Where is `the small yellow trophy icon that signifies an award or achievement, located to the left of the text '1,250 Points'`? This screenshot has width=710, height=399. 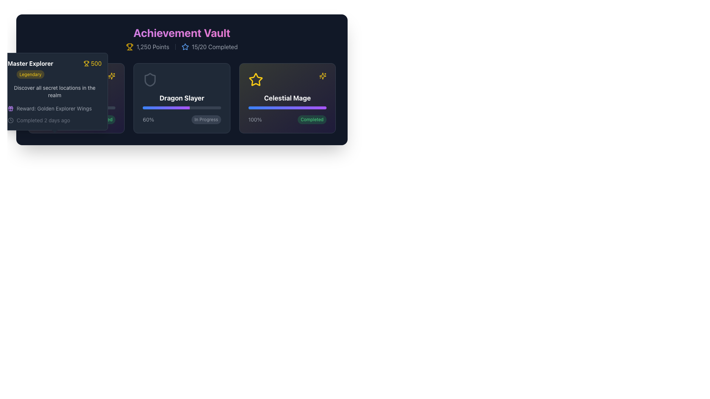
the small yellow trophy icon that signifies an award or achievement, located to the left of the text '1,250 Points' is located at coordinates (130, 47).